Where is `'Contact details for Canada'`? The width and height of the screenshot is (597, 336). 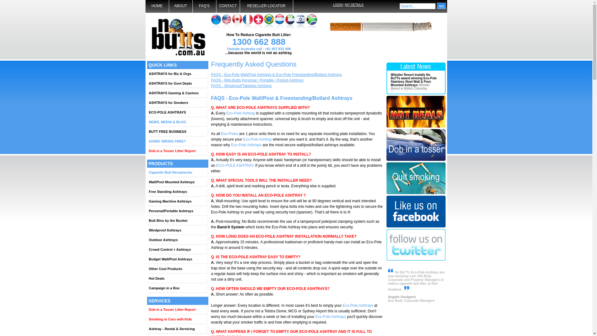
'Contact details for Canada' is located at coordinates (237, 21).